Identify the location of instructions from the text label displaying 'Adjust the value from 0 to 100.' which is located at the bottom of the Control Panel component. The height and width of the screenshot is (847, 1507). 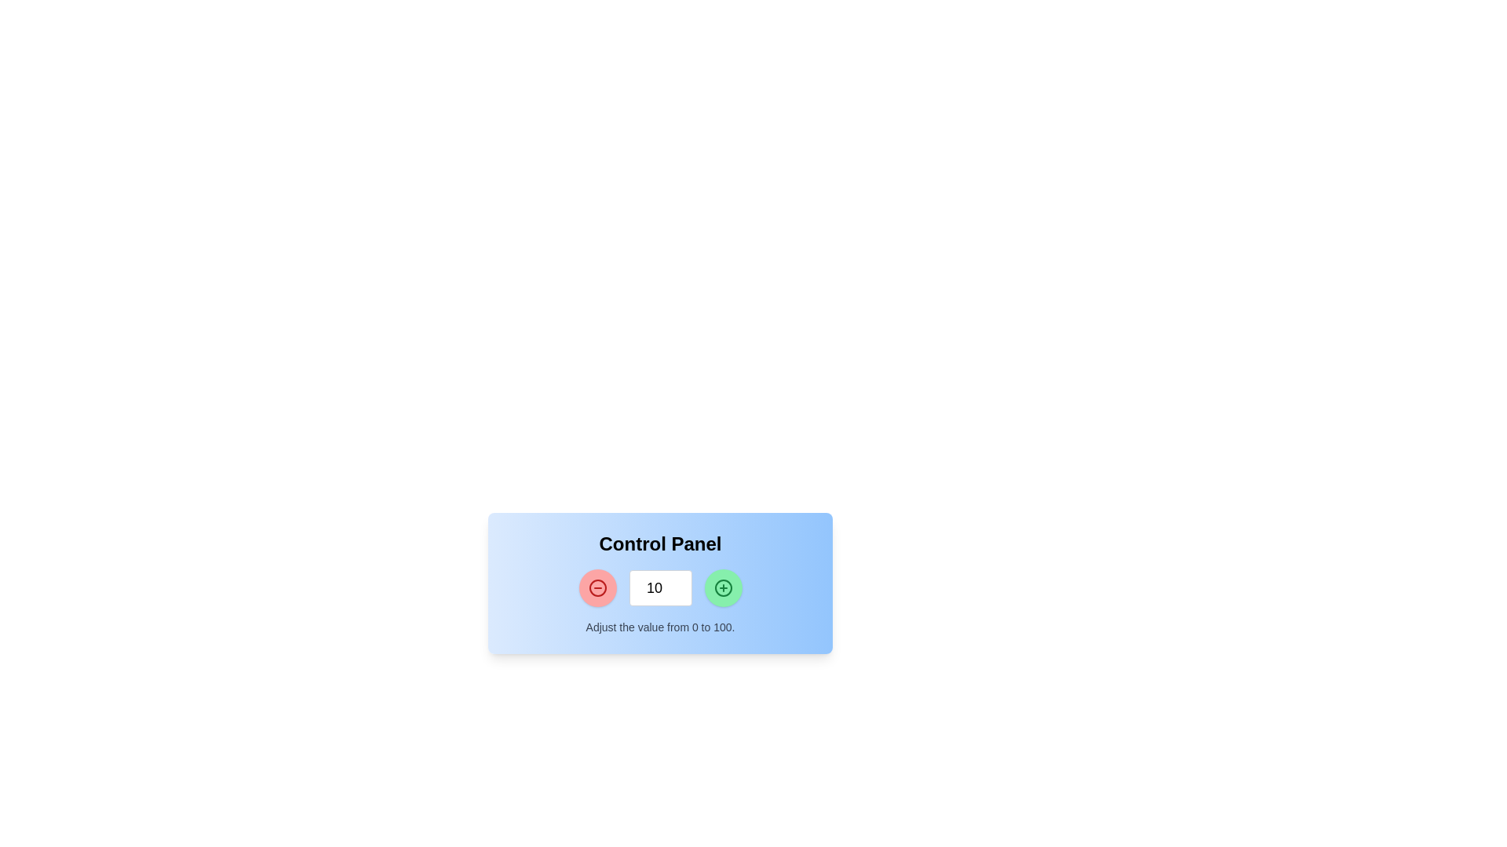
(660, 626).